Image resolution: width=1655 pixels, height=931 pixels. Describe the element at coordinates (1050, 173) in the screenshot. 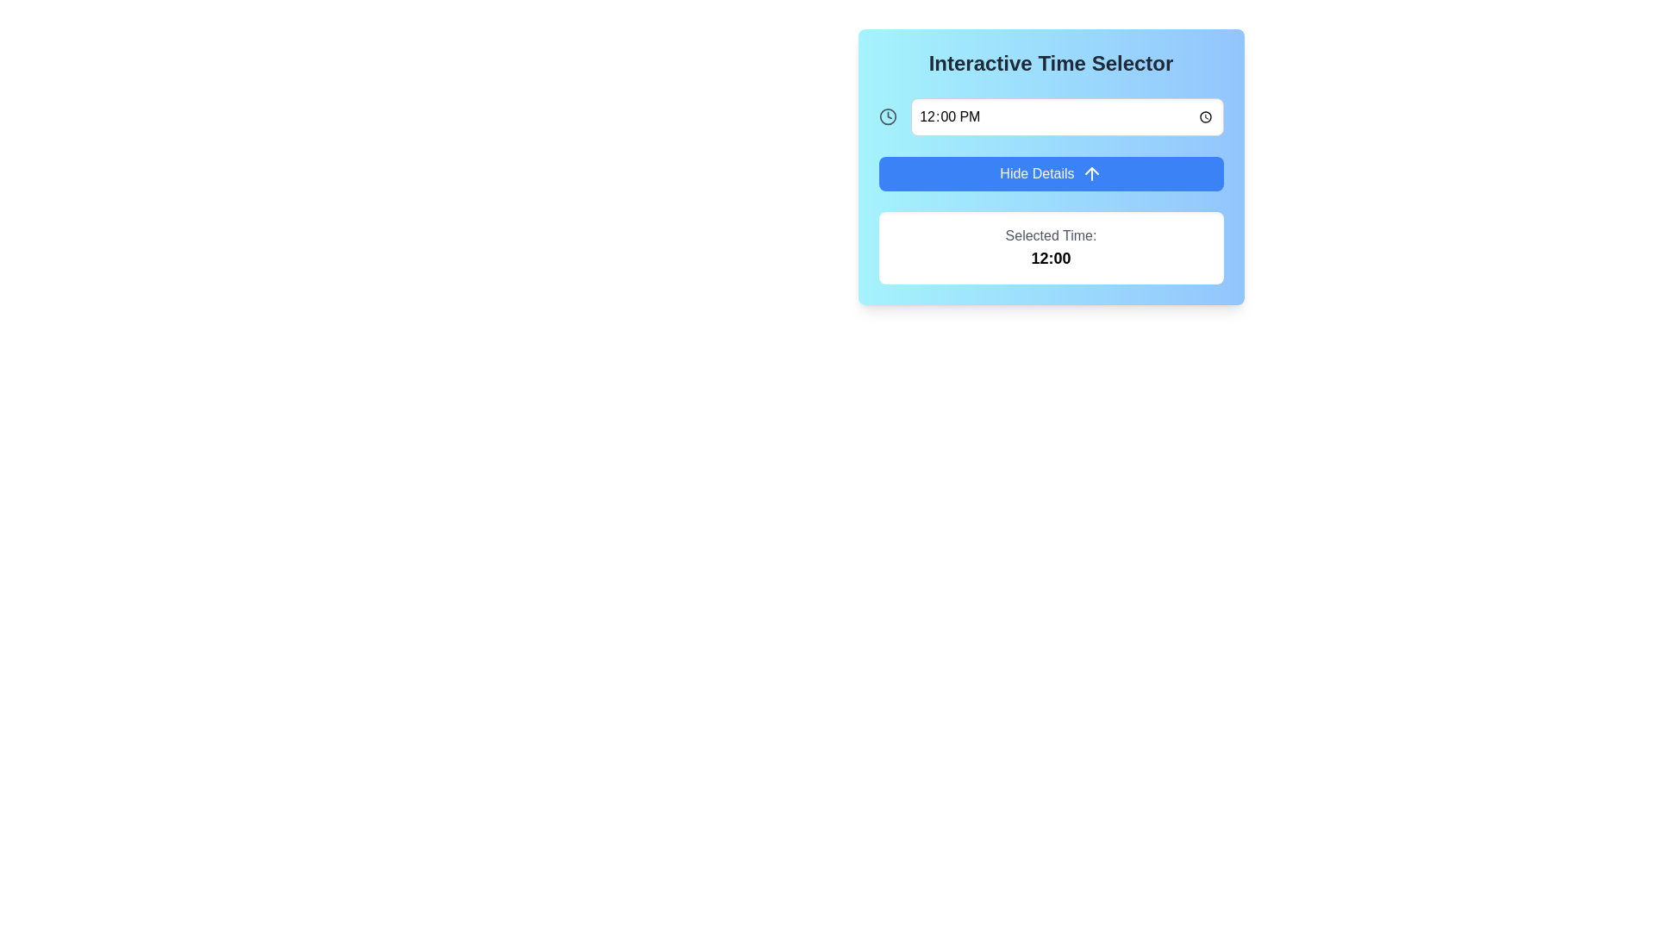

I see `the button with a blue background and white text reading 'Hide Details' to observe the style change` at that location.